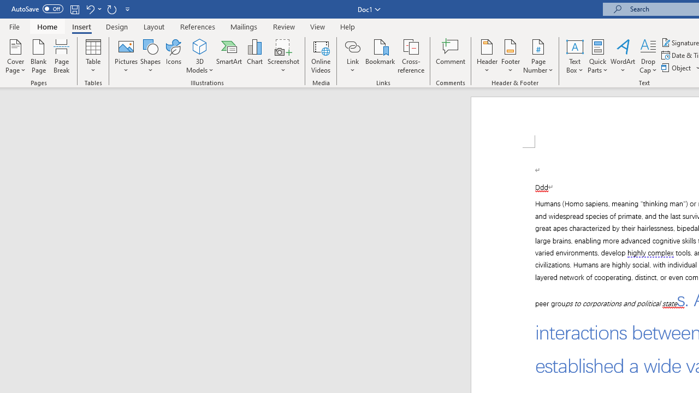 The image size is (699, 393). I want to click on 'Cross-reference...', so click(410, 56).